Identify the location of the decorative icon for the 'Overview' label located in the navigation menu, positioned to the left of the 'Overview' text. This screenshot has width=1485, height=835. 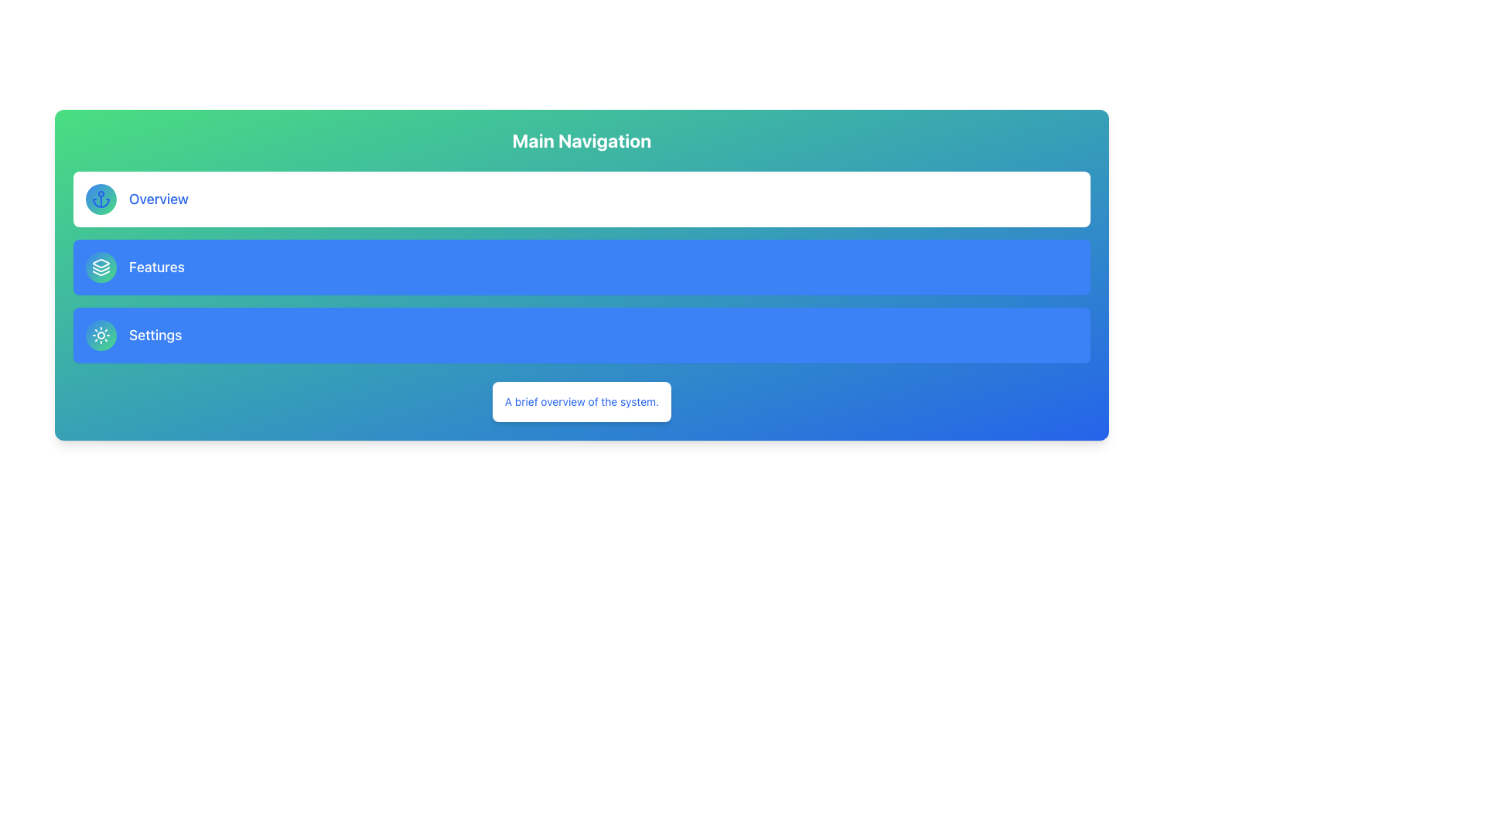
(100, 199).